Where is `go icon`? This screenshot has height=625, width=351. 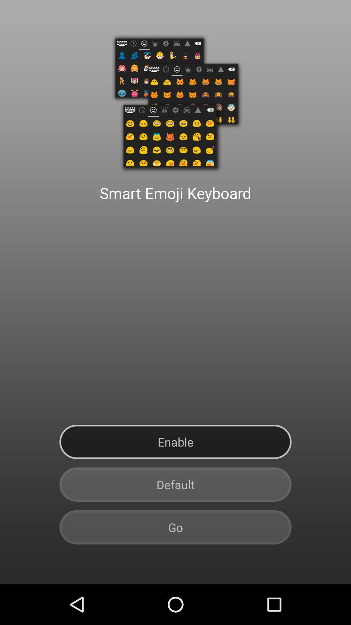
go icon is located at coordinates (175, 527).